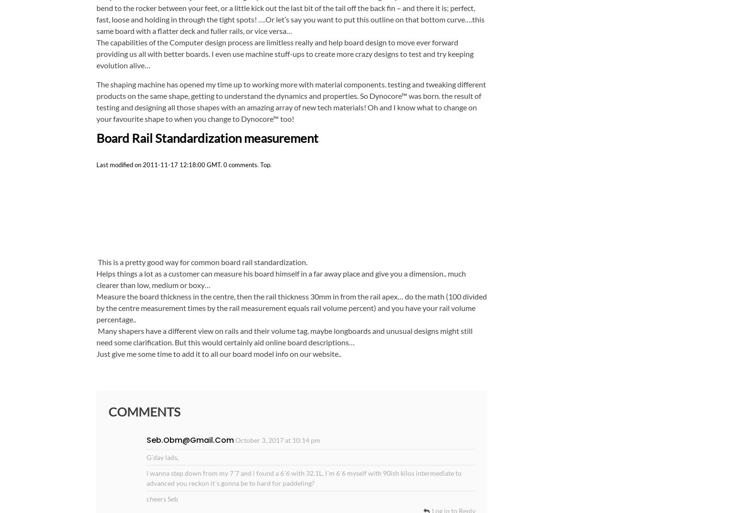  Describe the element at coordinates (303, 477) in the screenshot. I see `'i wanna step down from my 7´7 and i found a 6´6 with 32.1L, I´m 6´6 myself with 90ish kilos intermediate to advanced you reckon it´s gonna be to hard for paddeling?'` at that location.